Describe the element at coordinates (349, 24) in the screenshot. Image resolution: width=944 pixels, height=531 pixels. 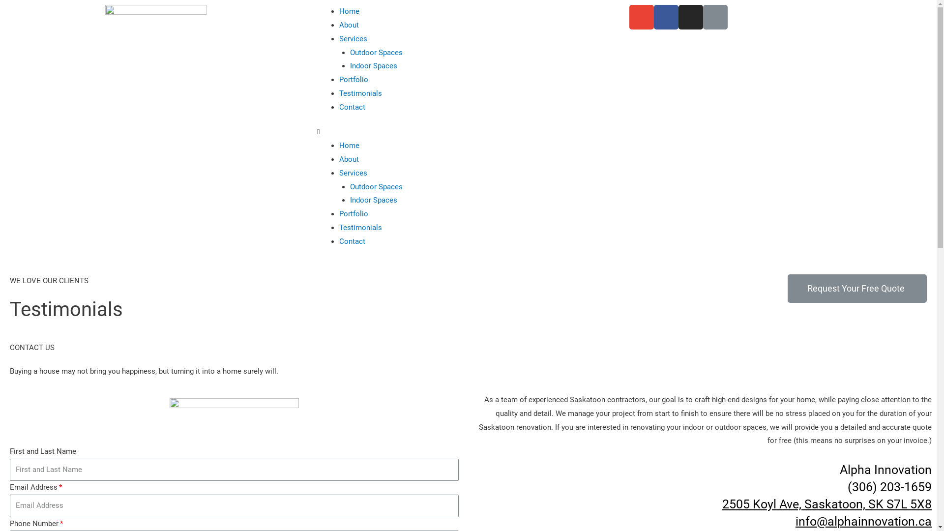
I see `'About'` at that location.